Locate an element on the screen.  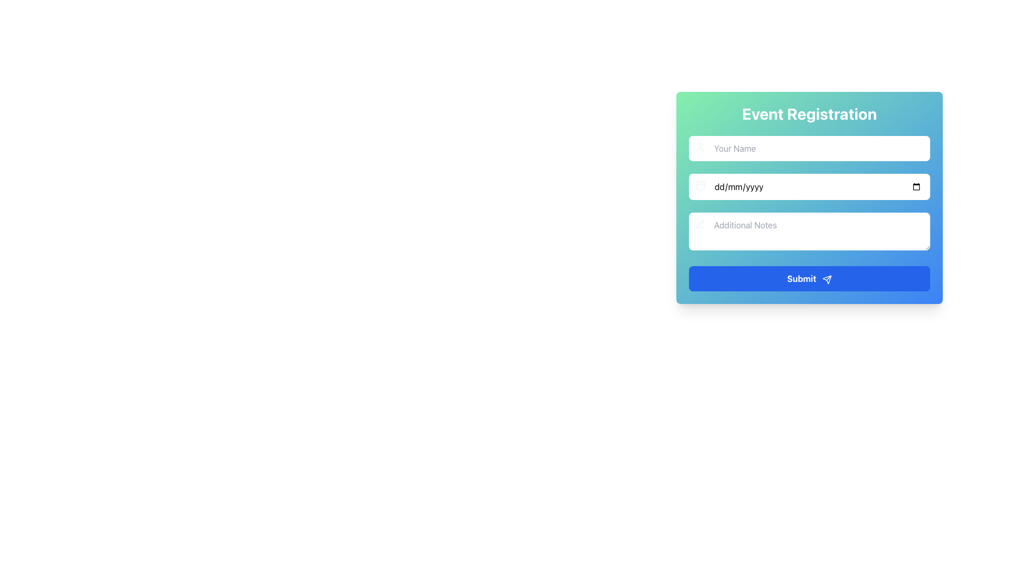
the stylized upward-right arrow icon within the 'Submit' button, which indicates a sending action is located at coordinates (827, 279).